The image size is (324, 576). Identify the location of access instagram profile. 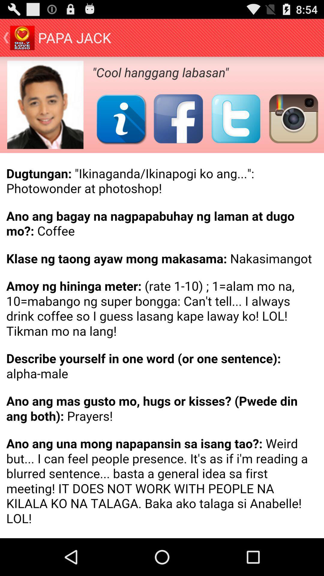
(293, 118).